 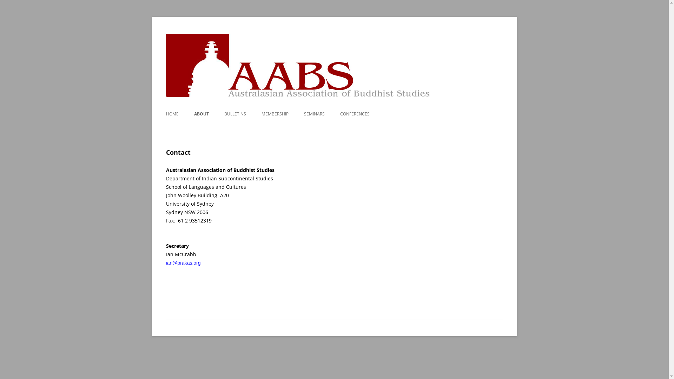 What do you see at coordinates (229, 129) in the screenshot?
I see `'AIMS'` at bounding box center [229, 129].